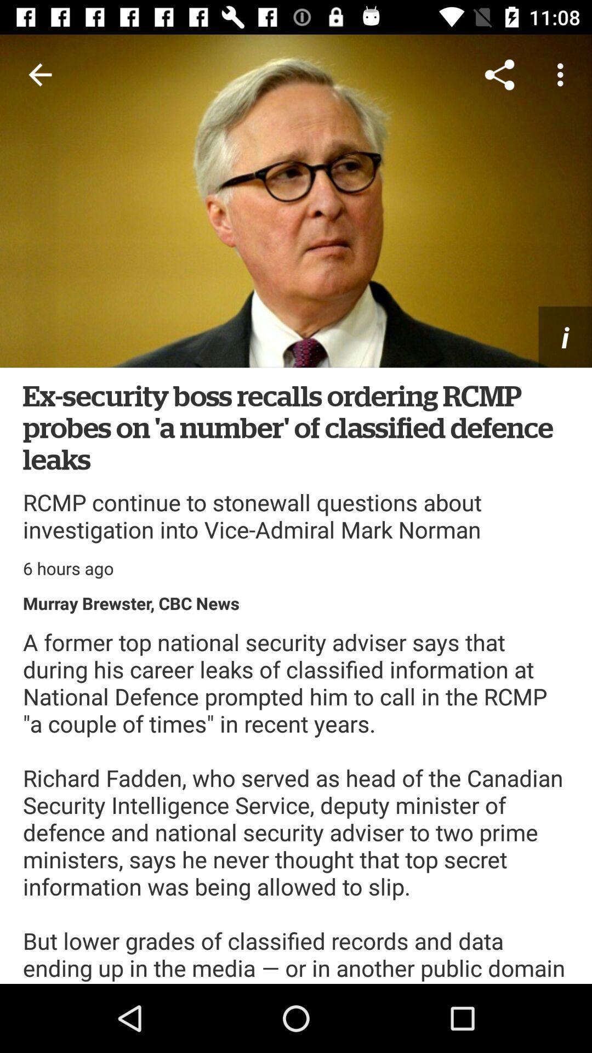  What do you see at coordinates (565, 336) in the screenshot?
I see `i icon` at bounding box center [565, 336].